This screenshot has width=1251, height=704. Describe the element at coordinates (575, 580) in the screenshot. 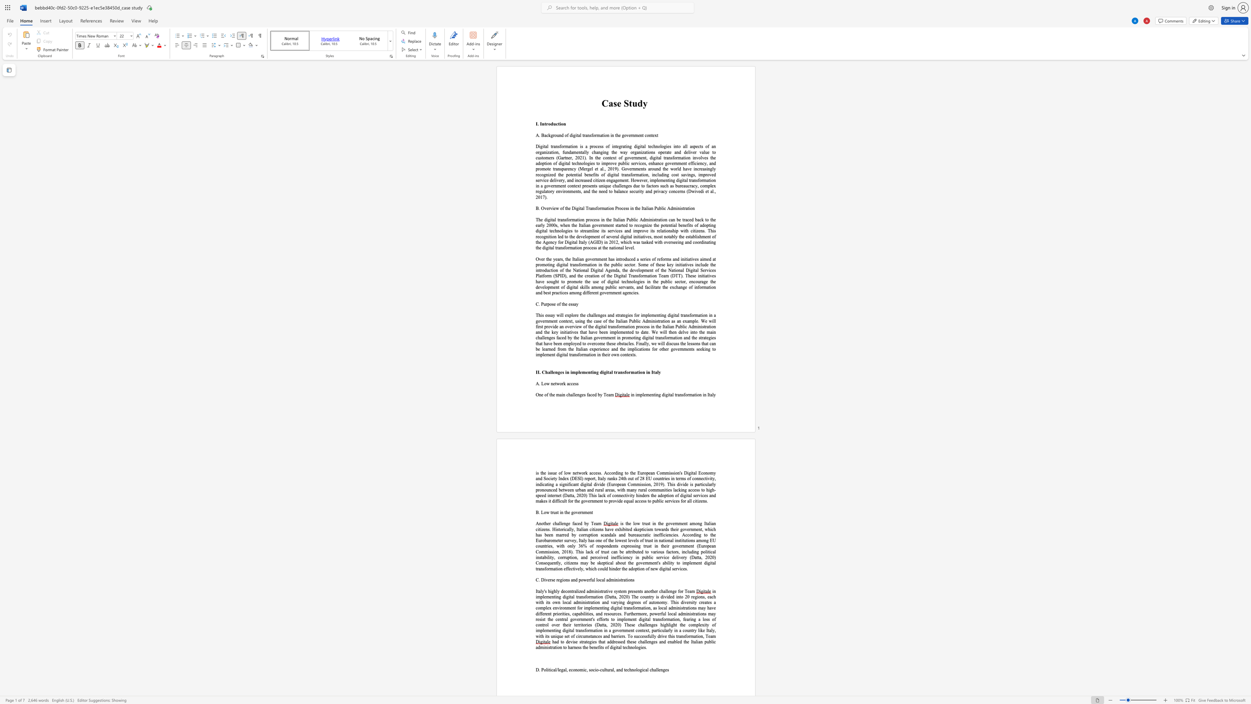

I see `the subset text "d powerful local admini" within the text "C. Diverse regions and powerful local administrations"` at that location.